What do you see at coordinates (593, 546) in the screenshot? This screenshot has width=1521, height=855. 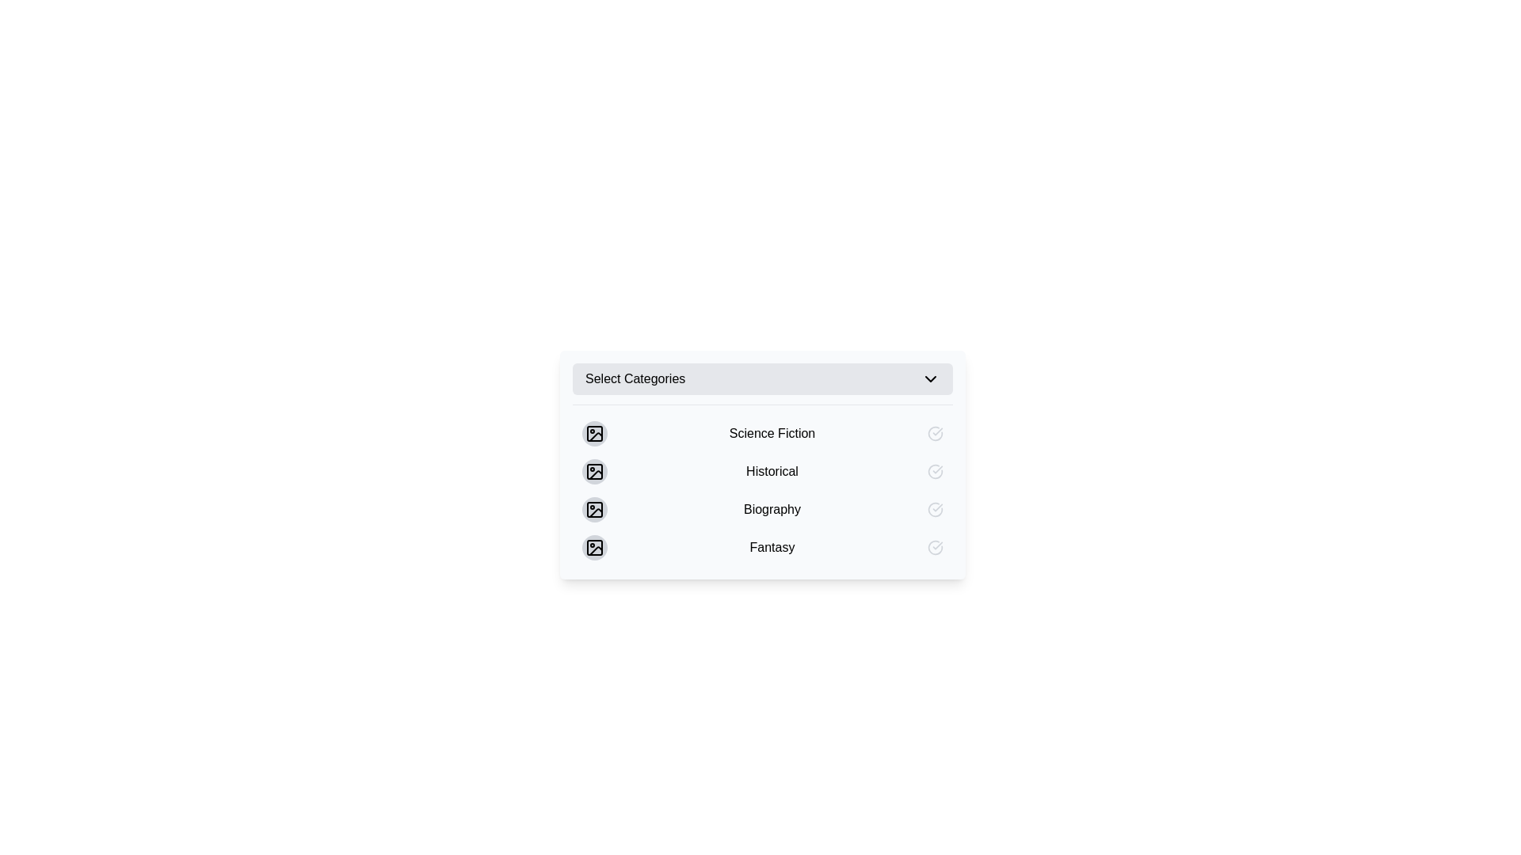 I see `the first Icon button representing the 'Fantasy' category to interact with it` at bounding box center [593, 546].